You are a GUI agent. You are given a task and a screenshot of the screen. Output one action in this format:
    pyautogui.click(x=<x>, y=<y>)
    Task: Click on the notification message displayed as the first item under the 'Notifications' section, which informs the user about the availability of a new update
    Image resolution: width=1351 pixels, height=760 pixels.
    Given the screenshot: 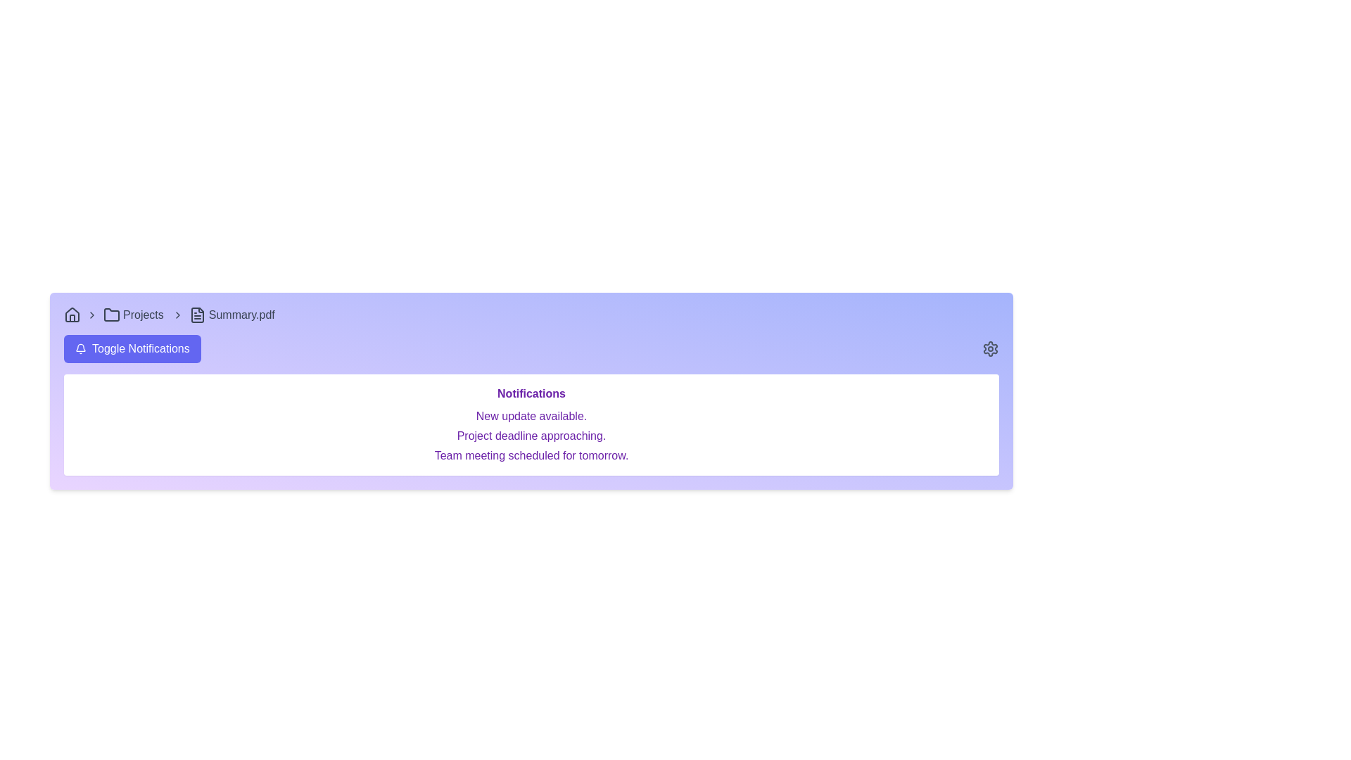 What is the action you would take?
    pyautogui.click(x=531, y=415)
    